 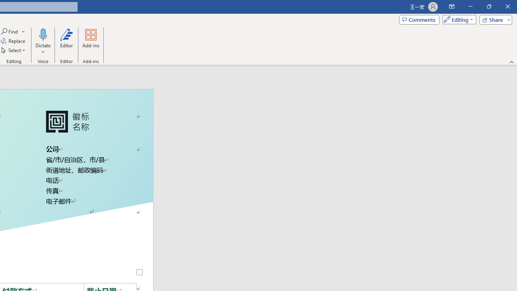 What do you see at coordinates (507, 6) in the screenshot?
I see `'Close'` at bounding box center [507, 6].